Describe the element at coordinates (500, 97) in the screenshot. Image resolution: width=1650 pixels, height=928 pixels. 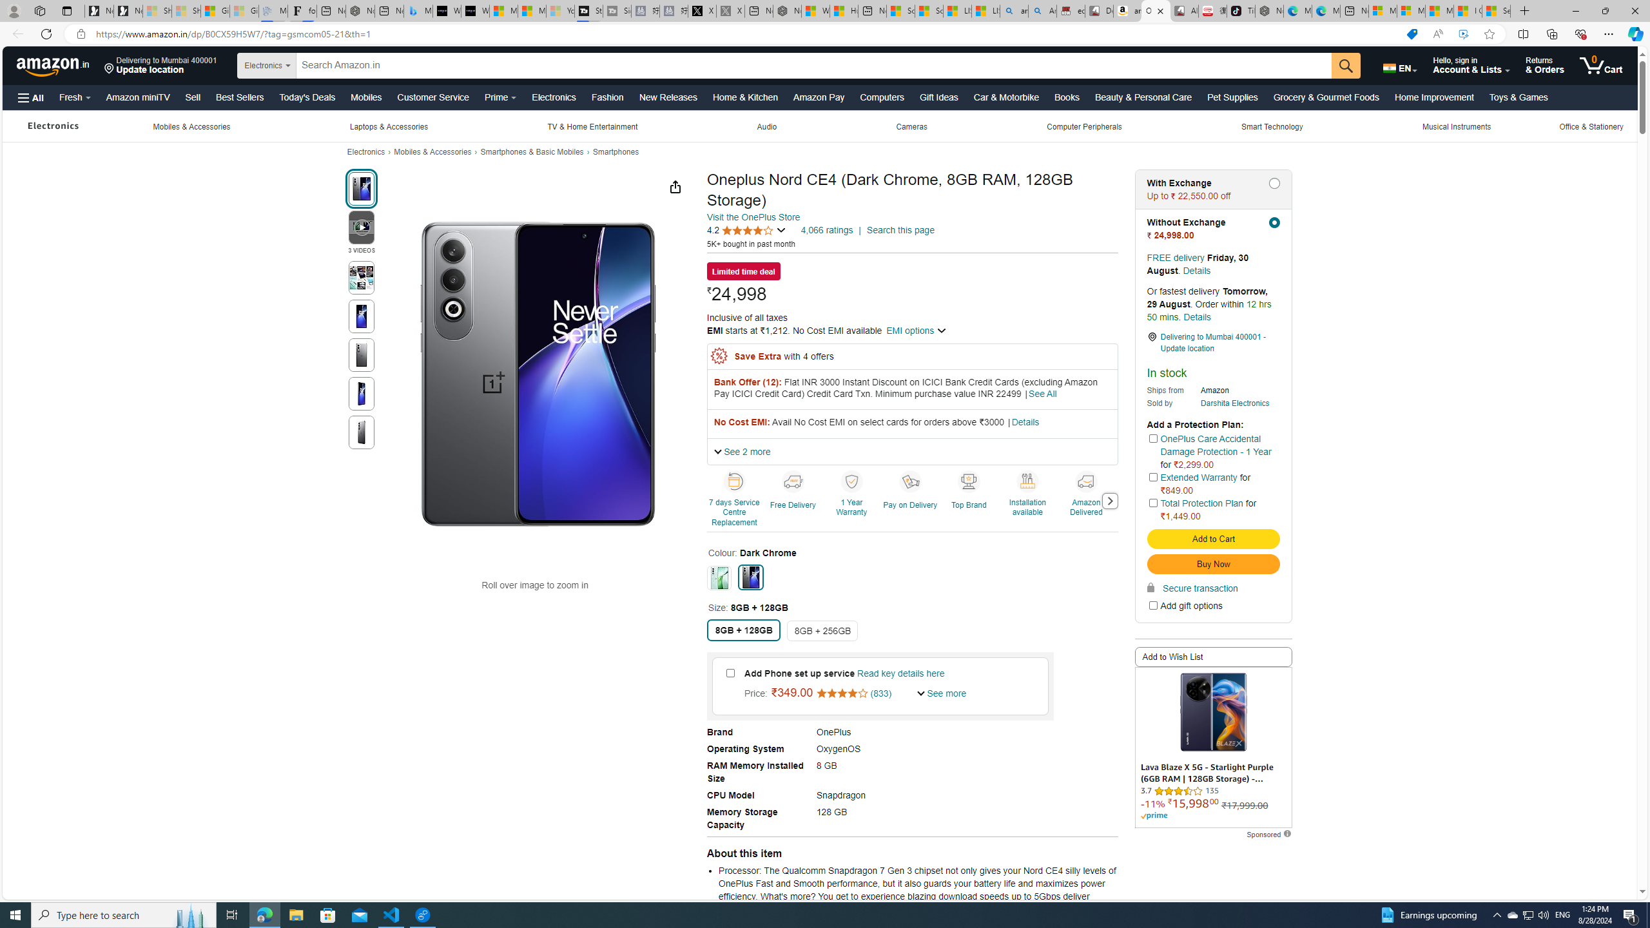
I see `'Prime'` at that location.